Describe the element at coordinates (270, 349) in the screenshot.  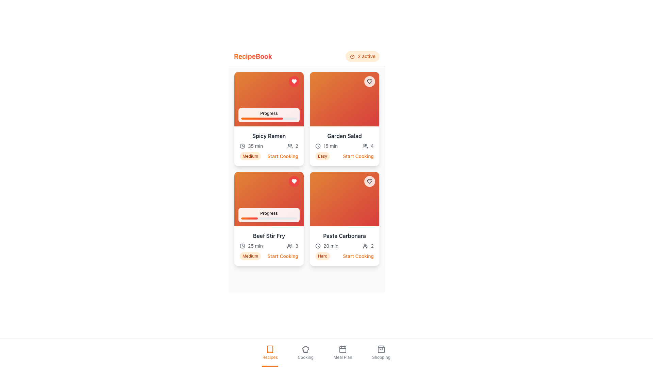
I see `the stylized book icon located at the center of the 'Recipes' tab in the bottom navigation bar` at that location.